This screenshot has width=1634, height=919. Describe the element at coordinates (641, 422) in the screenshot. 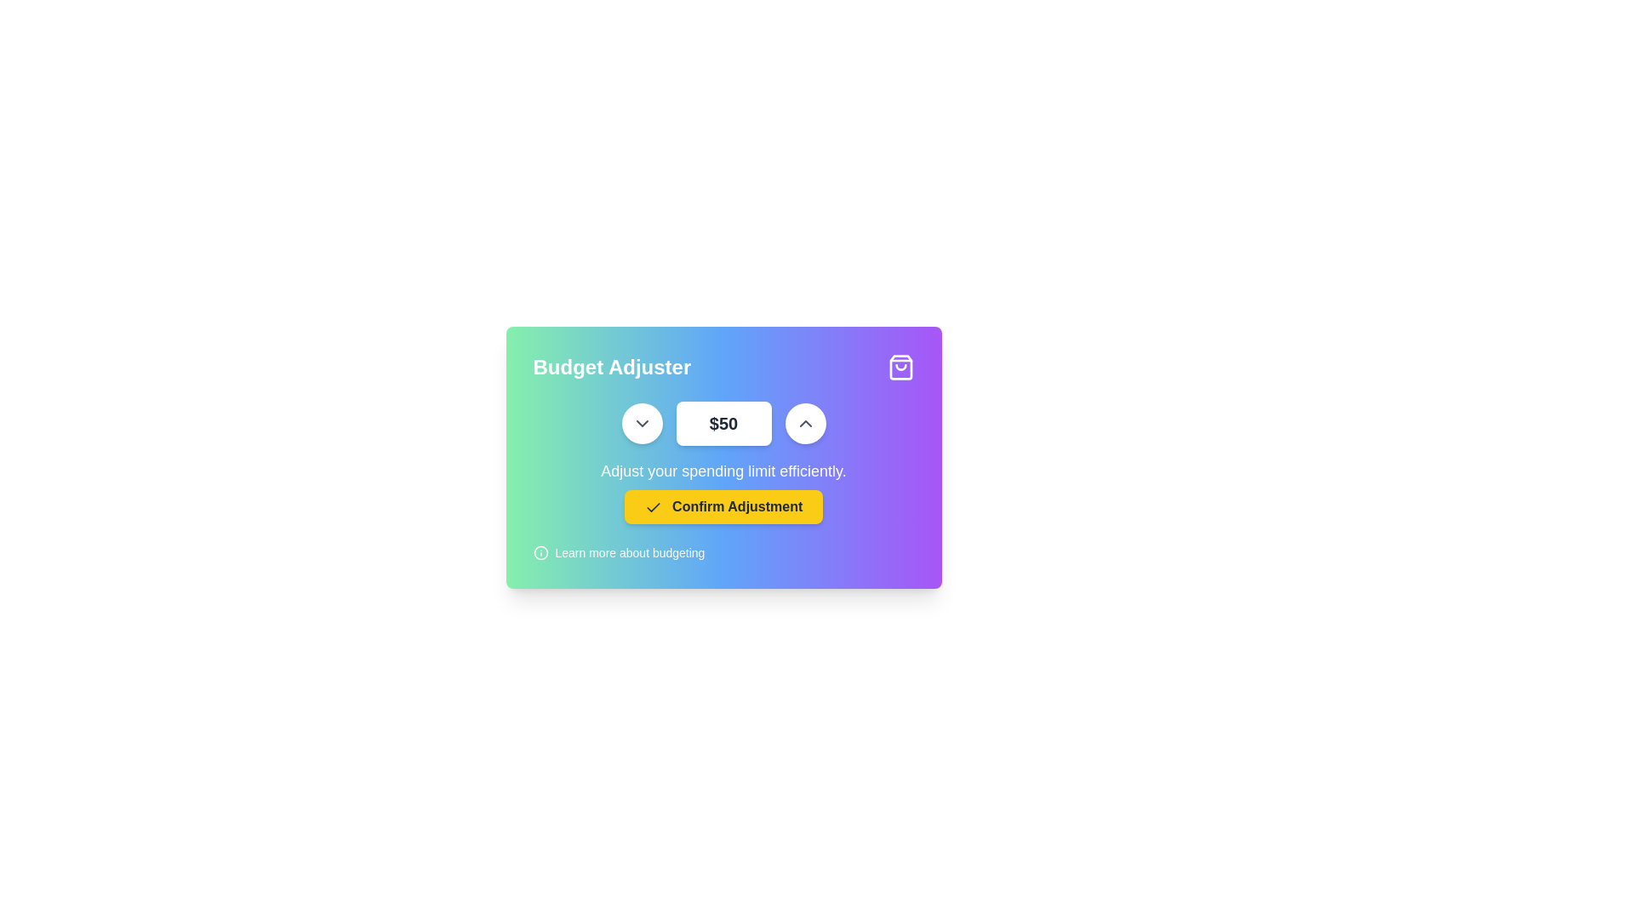

I see `the decrement button for the Budget Adjuster section to decrease the displayed amount in the adjoining text field` at that location.